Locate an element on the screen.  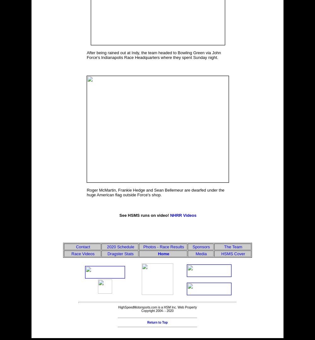
'HighSpeedMotorsports.com
is a HSM Inc. Web Property' is located at coordinates (118, 307).